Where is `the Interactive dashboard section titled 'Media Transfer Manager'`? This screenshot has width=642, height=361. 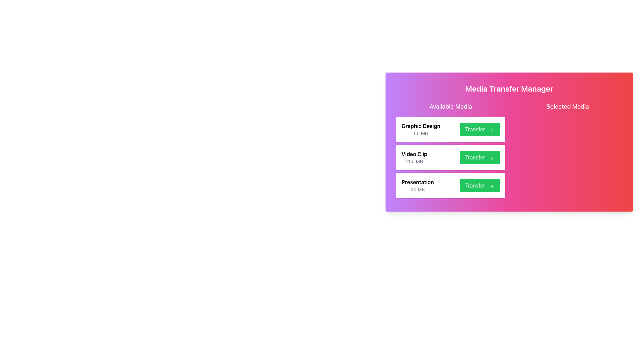
the Interactive dashboard section titled 'Media Transfer Manager' is located at coordinates (509, 143).